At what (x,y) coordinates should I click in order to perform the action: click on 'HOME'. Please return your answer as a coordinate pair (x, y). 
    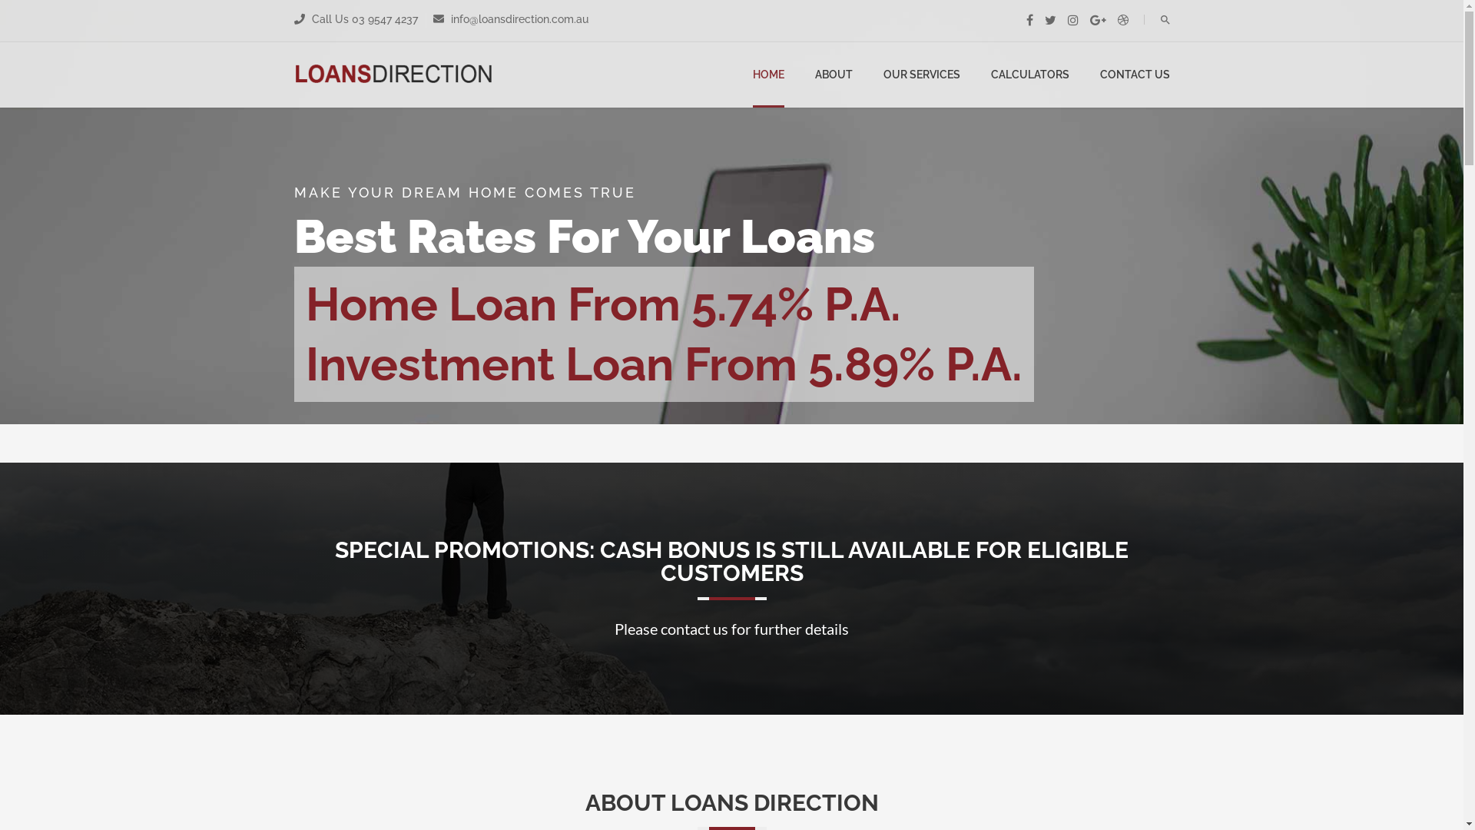
    Looking at the image, I should click on (768, 75).